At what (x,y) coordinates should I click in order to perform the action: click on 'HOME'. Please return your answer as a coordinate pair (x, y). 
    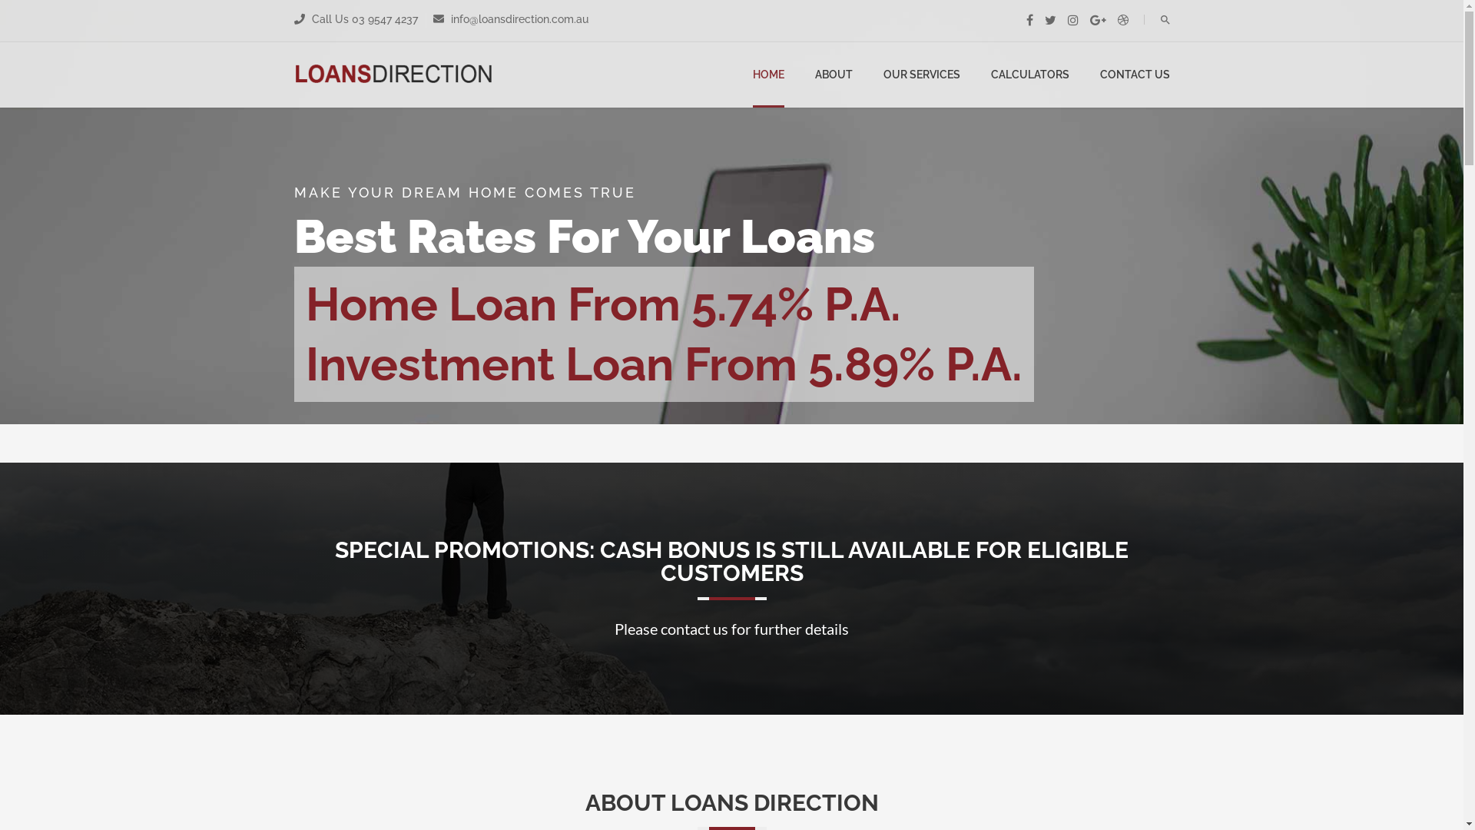
    Looking at the image, I should click on (768, 75).